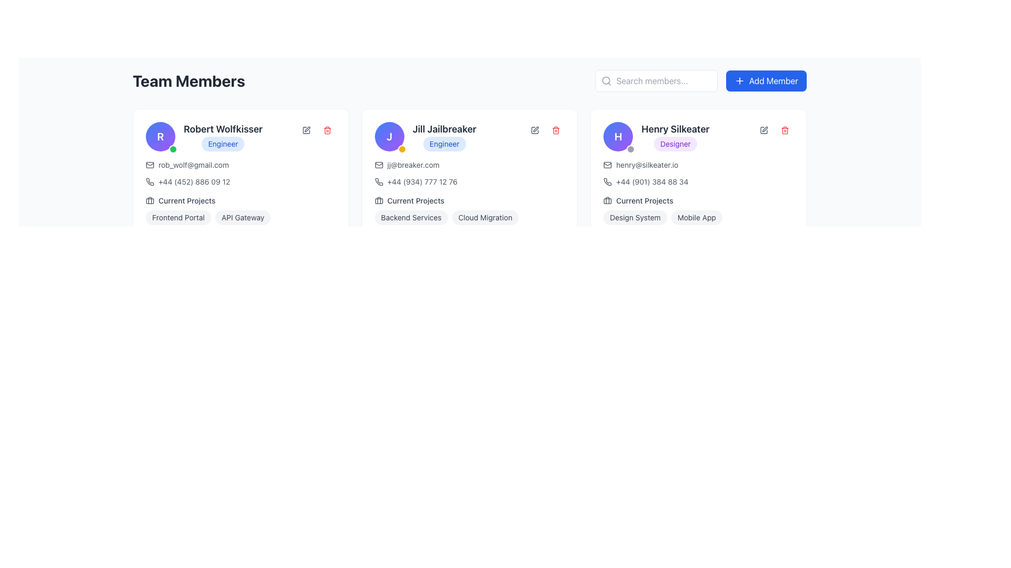 Image resolution: width=1011 pixels, height=568 pixels. Describe the element at coordinates (764, 129) in the screenshot. I see `the edit button located in the top-right corner of Henry Silkeater's user card to initiate the edit action` at that location.